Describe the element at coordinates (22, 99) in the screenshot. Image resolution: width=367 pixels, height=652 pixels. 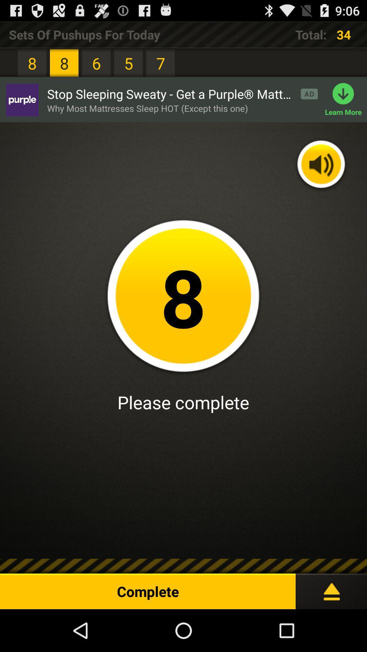
I see `the app below the 8 icon` at that location.